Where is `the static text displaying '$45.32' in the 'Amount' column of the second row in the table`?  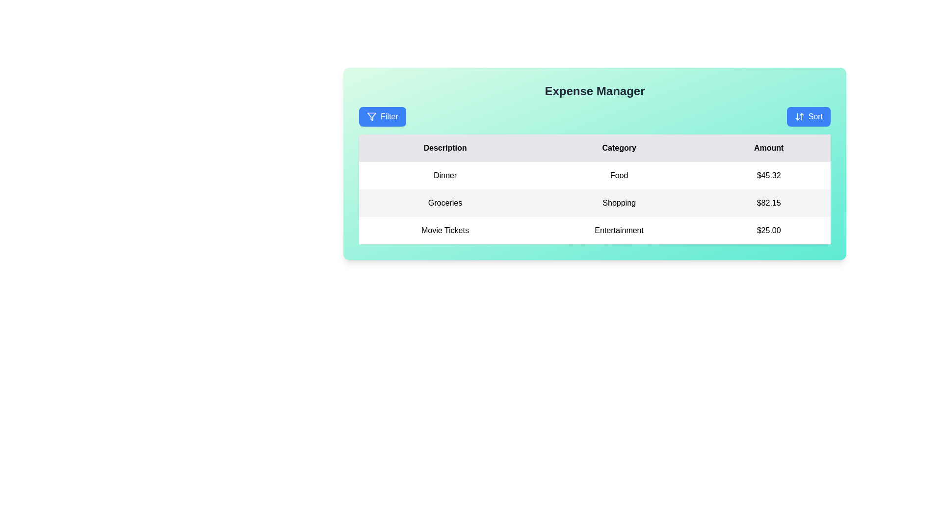
the static text displaying '$45.32' in the 'Amount' column of the second row in the table is located at coordinates (768, 175).